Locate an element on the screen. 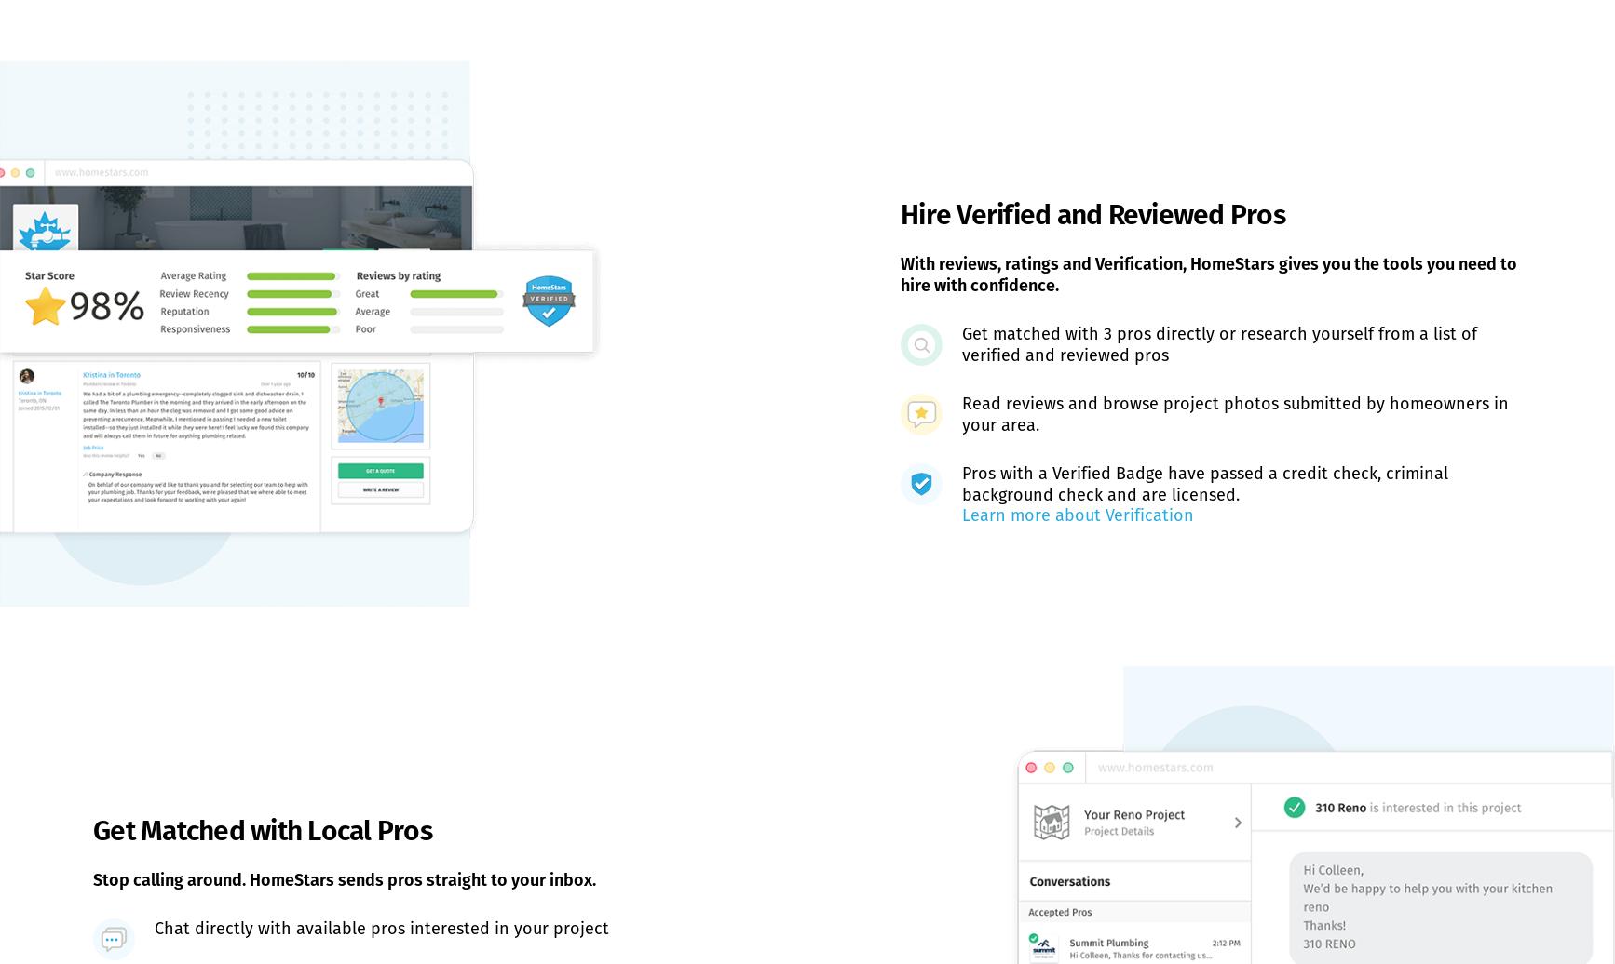 This screenshot has width=1615, height=964. 'Carrol Drew' is located at coordinates (397, 193).